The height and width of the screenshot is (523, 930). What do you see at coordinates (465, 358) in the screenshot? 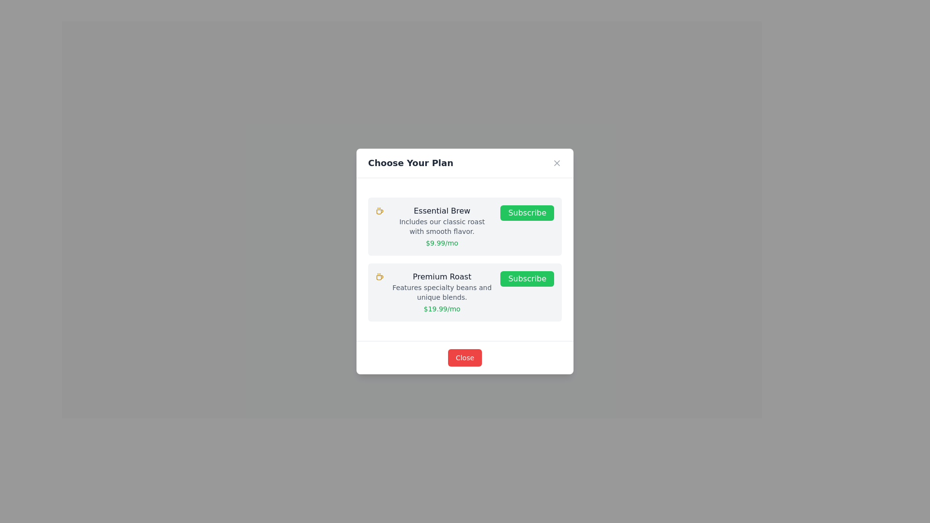
I see `the close button located at the bottom center of the modal dialog` at bounding box center [465, 358].